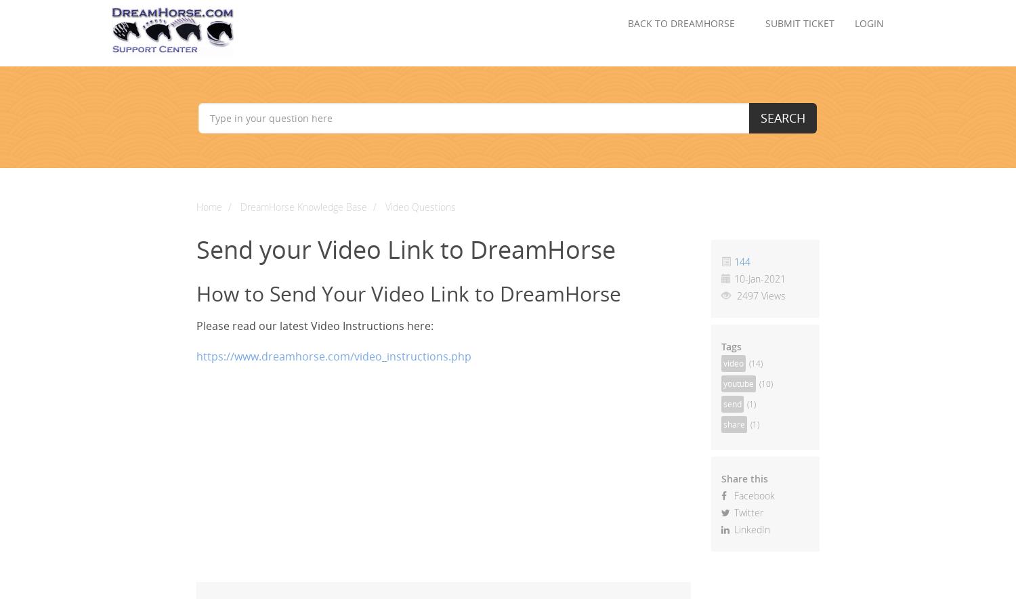 The height and width of the screenshot is (599, 1016). What do you see at coordinates (408, 293) in the screenshot?
I see `'How to Send Your Video Link to DreamHorse'` at bounding box center [408, 293].